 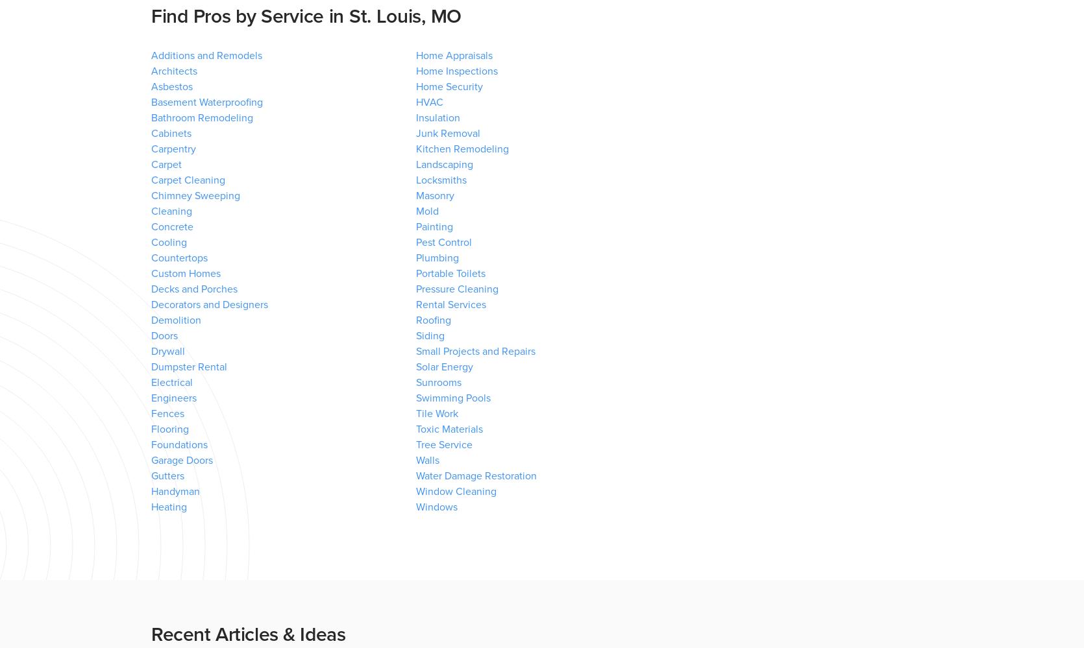 I want to click on 'Demolition', so click(x=151, y=320).